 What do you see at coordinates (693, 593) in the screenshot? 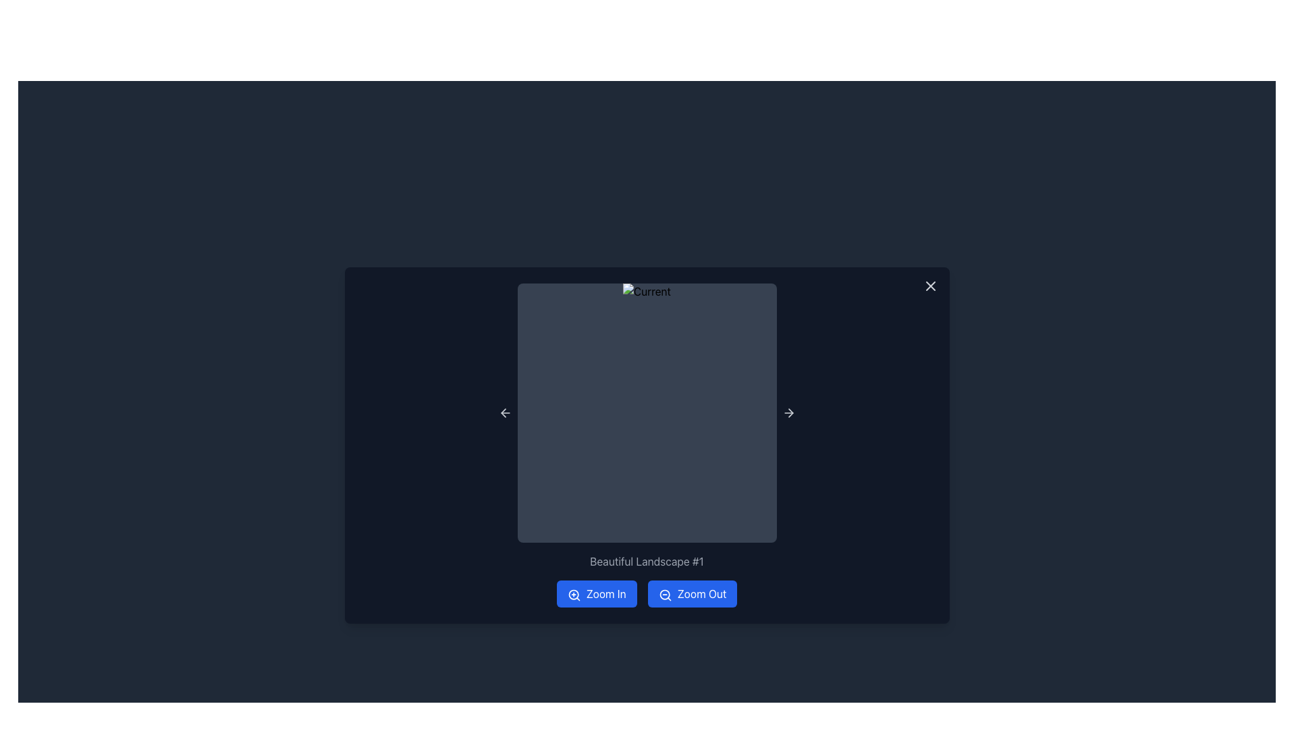
I see `the blue 'Zoom Out' button with white text and a magnifying glass icon` at bounding box center [693, 593].